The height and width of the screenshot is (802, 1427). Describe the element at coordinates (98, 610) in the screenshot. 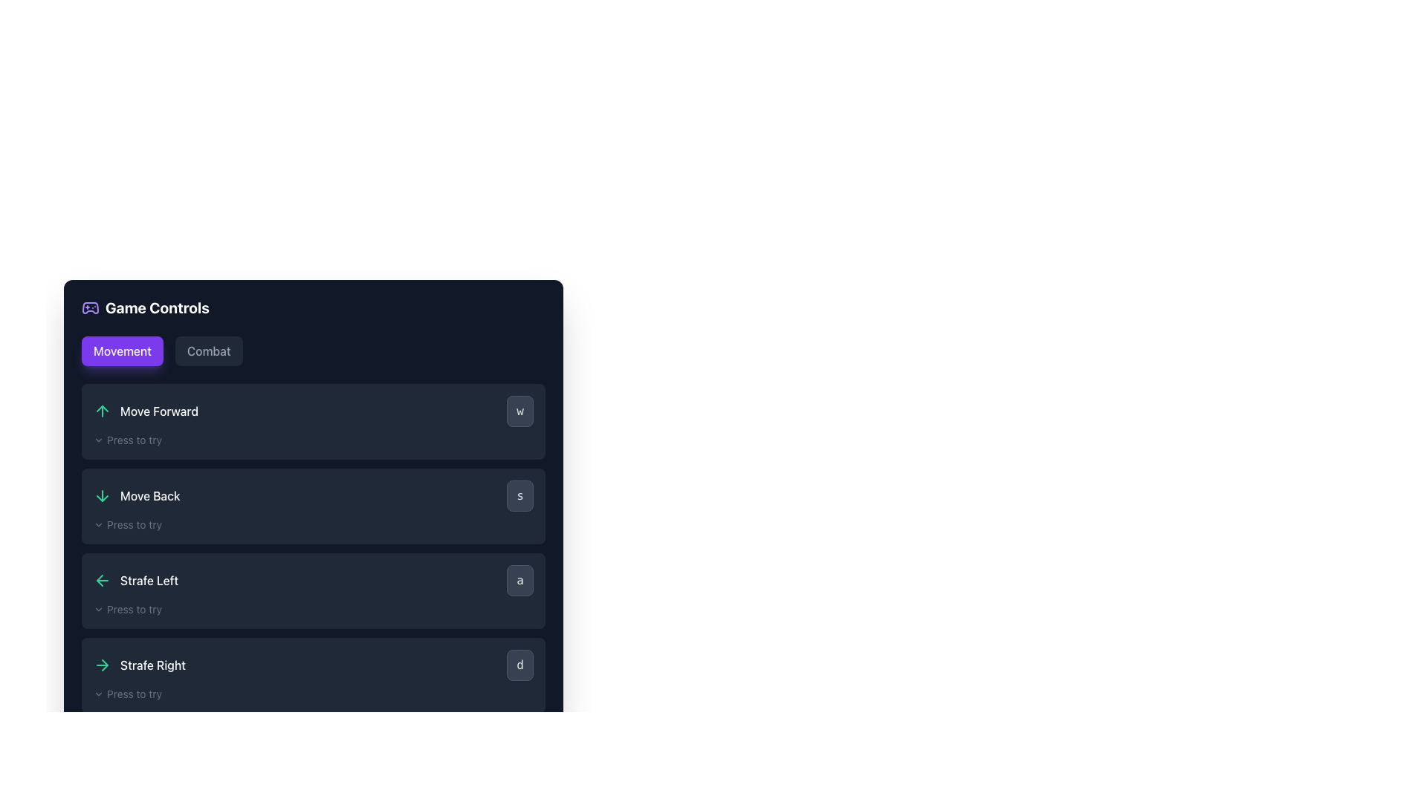

I see `the presence of the small down-arrow icon located to the left of the text label 'Press to try' within the 'Game Controls' interface section` at that location.